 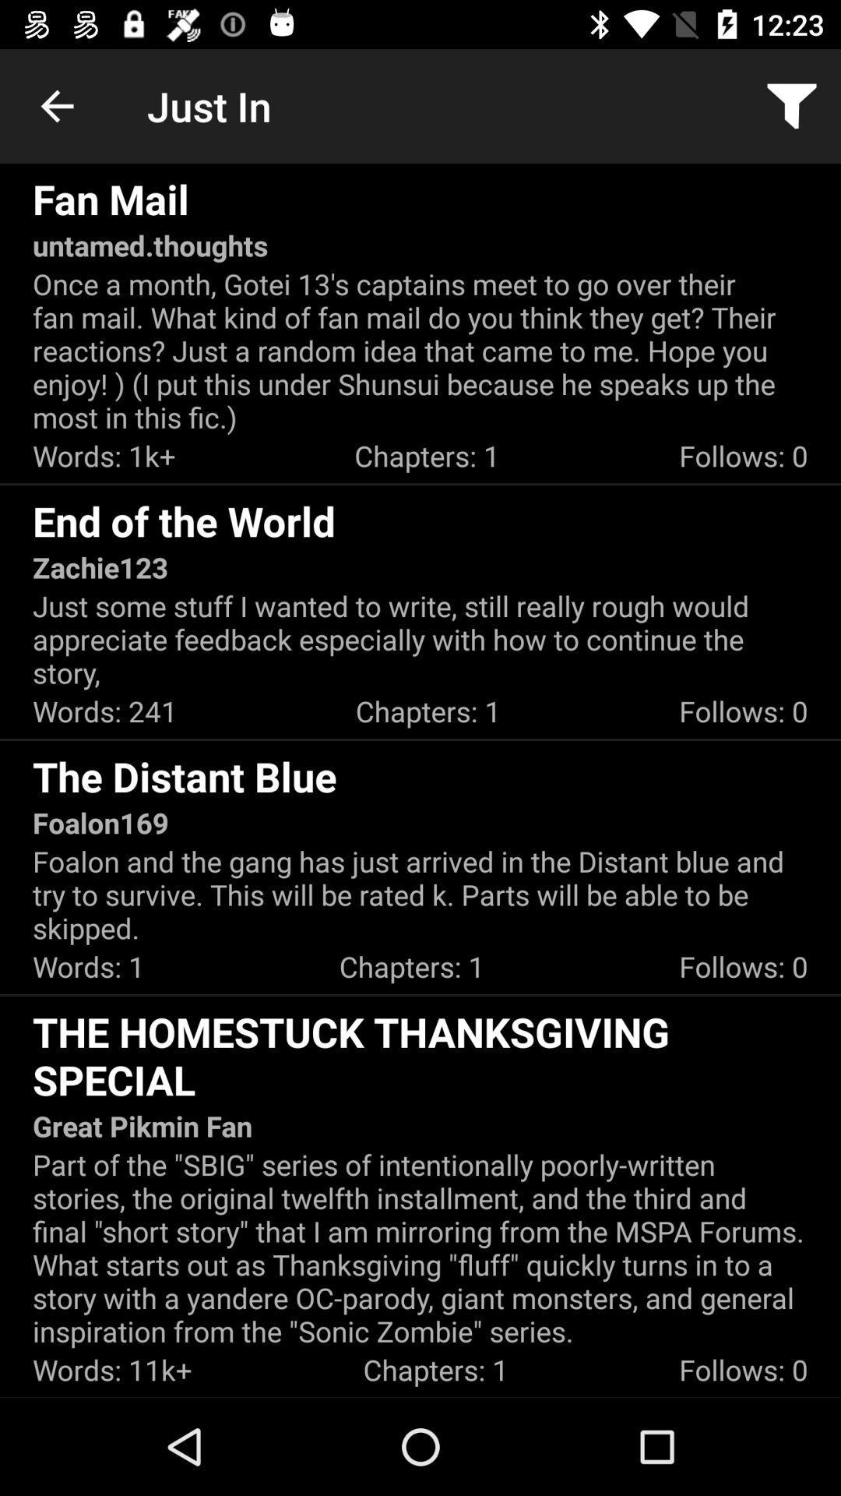 I want to click on item above once a month icon, so click(x=792, y=105).